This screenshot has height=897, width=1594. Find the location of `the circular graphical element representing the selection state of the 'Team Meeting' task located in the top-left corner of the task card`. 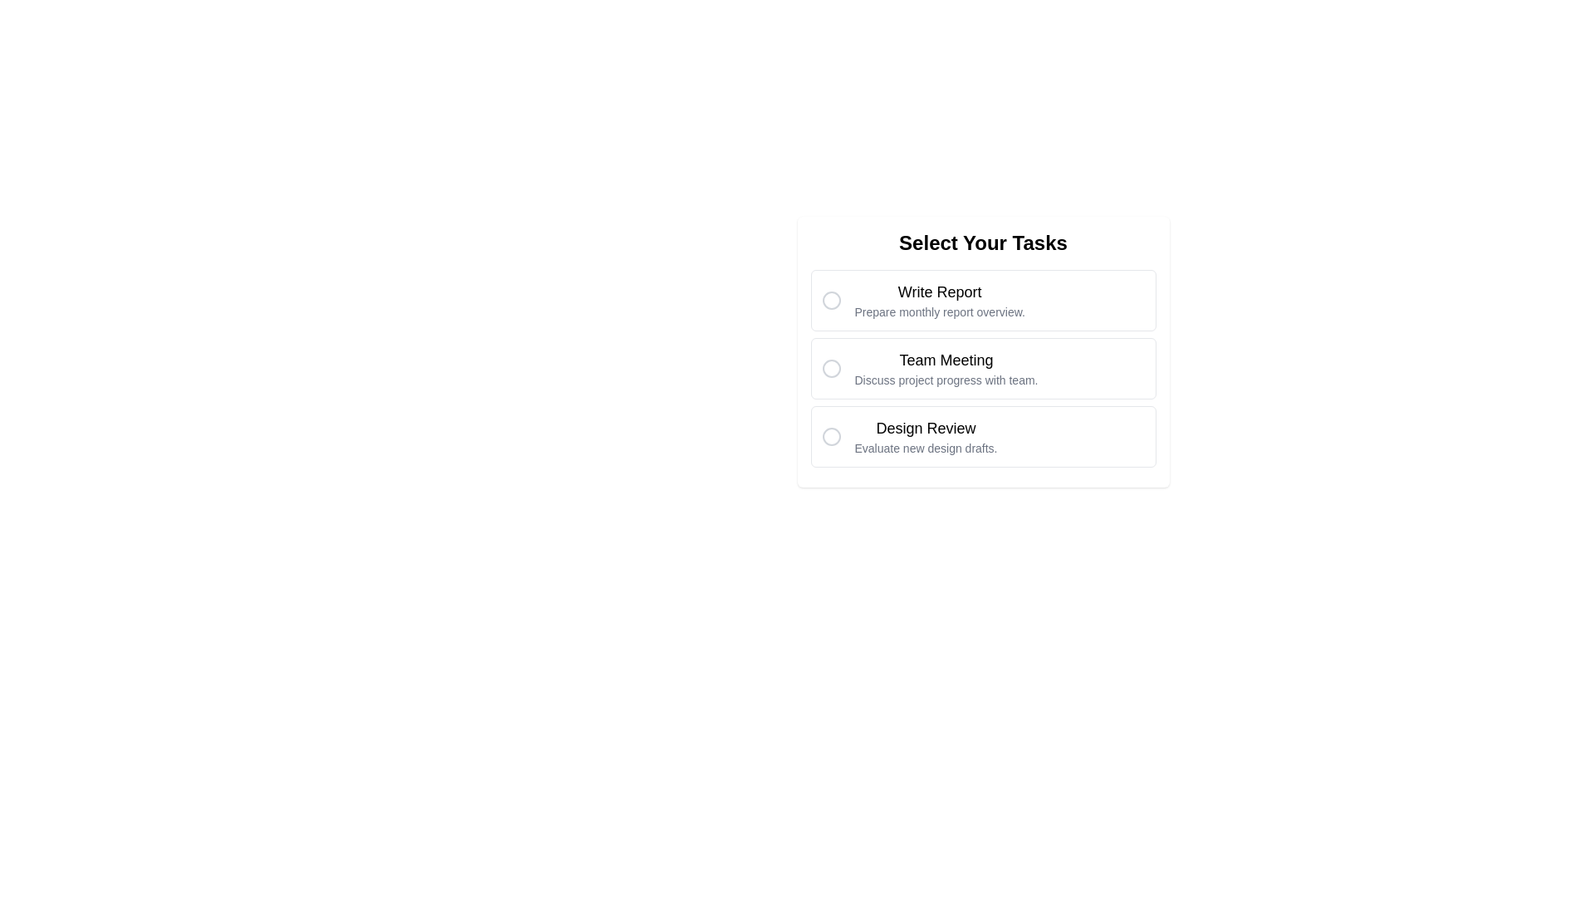

the circular graphical element representing the selection state of the 'Team Meeting' task located in the top-left corner of the task card is located at coordinates (831, 367).